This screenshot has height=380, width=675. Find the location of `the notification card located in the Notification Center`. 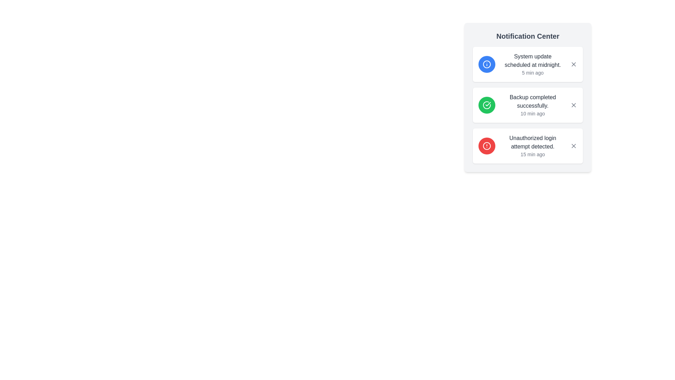

the notification card located in the Notification Center is located at coordinates (528, 105).